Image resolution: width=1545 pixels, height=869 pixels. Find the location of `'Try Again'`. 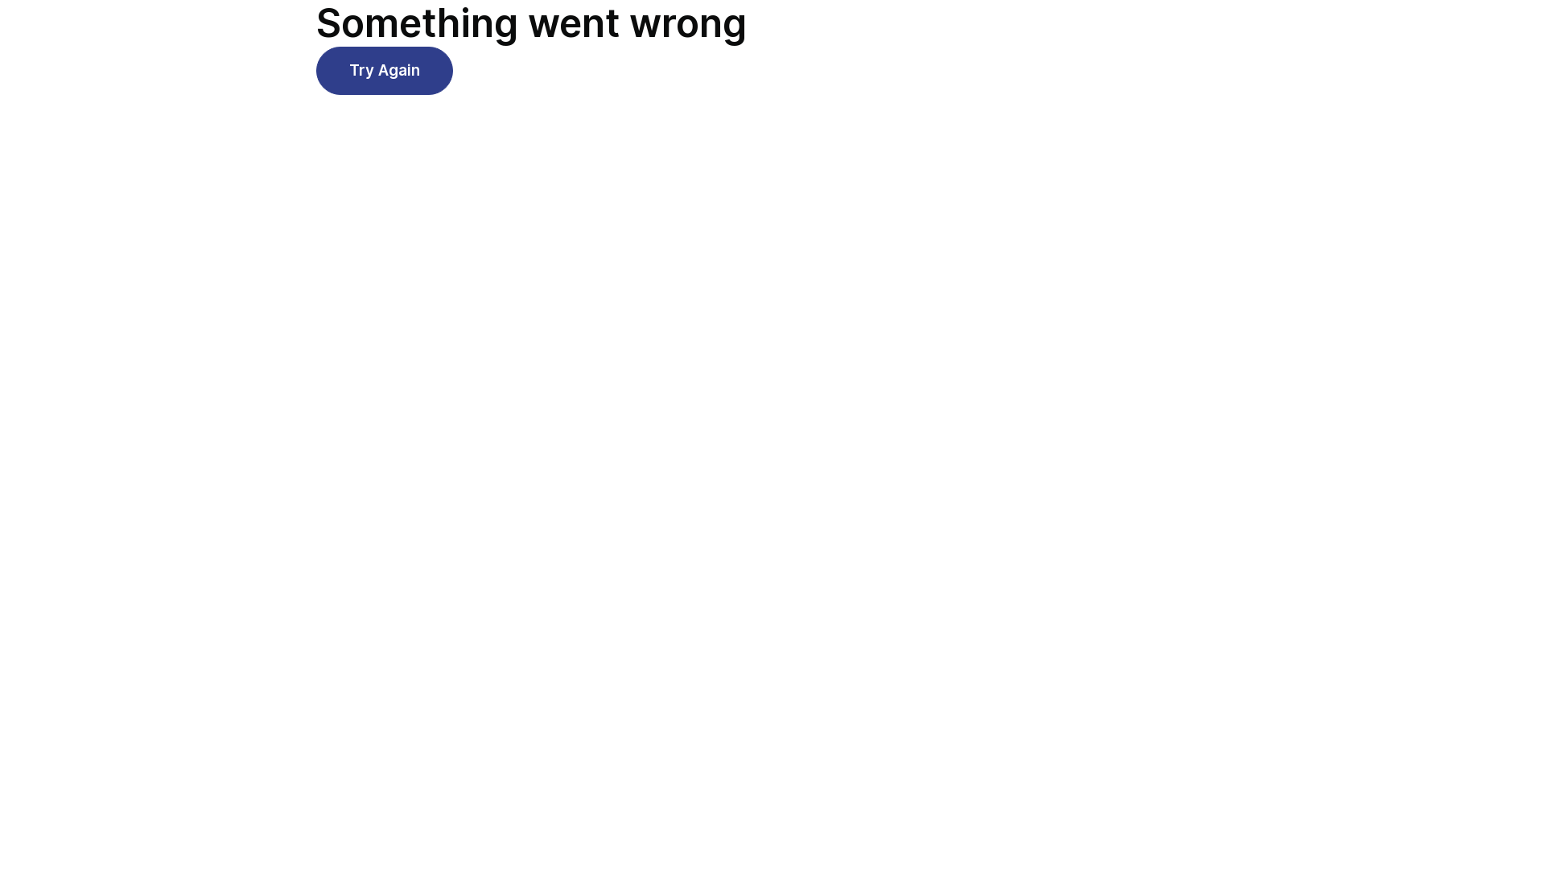

'Try Again' is located at coordinates (384, 70).